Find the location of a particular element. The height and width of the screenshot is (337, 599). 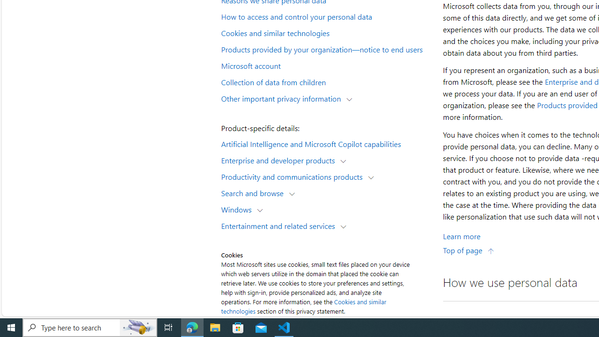

'Productivity and communications products' is located at coordinates (293, 176).